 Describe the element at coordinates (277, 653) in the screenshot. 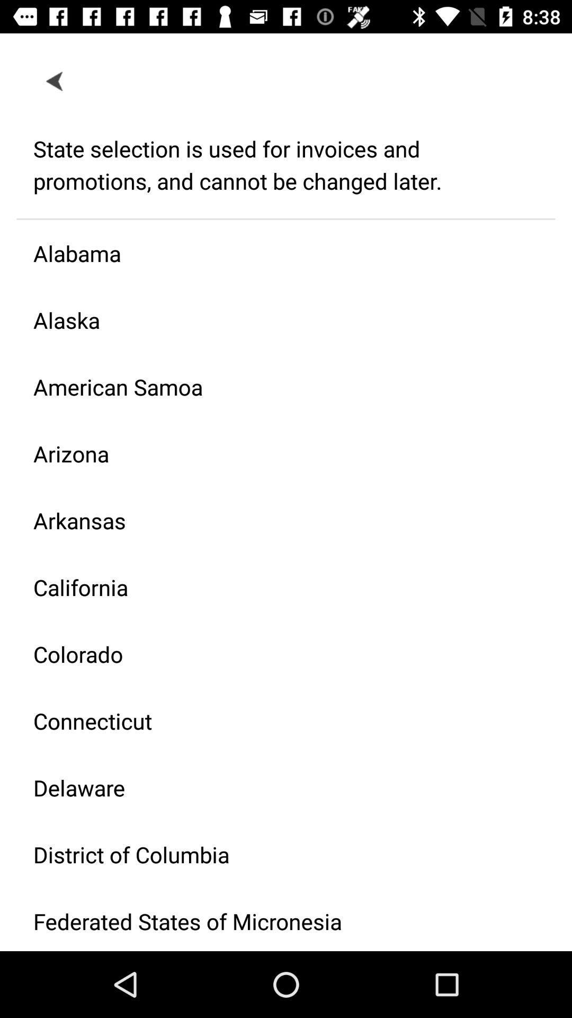

I see `the colorado item` at that location.